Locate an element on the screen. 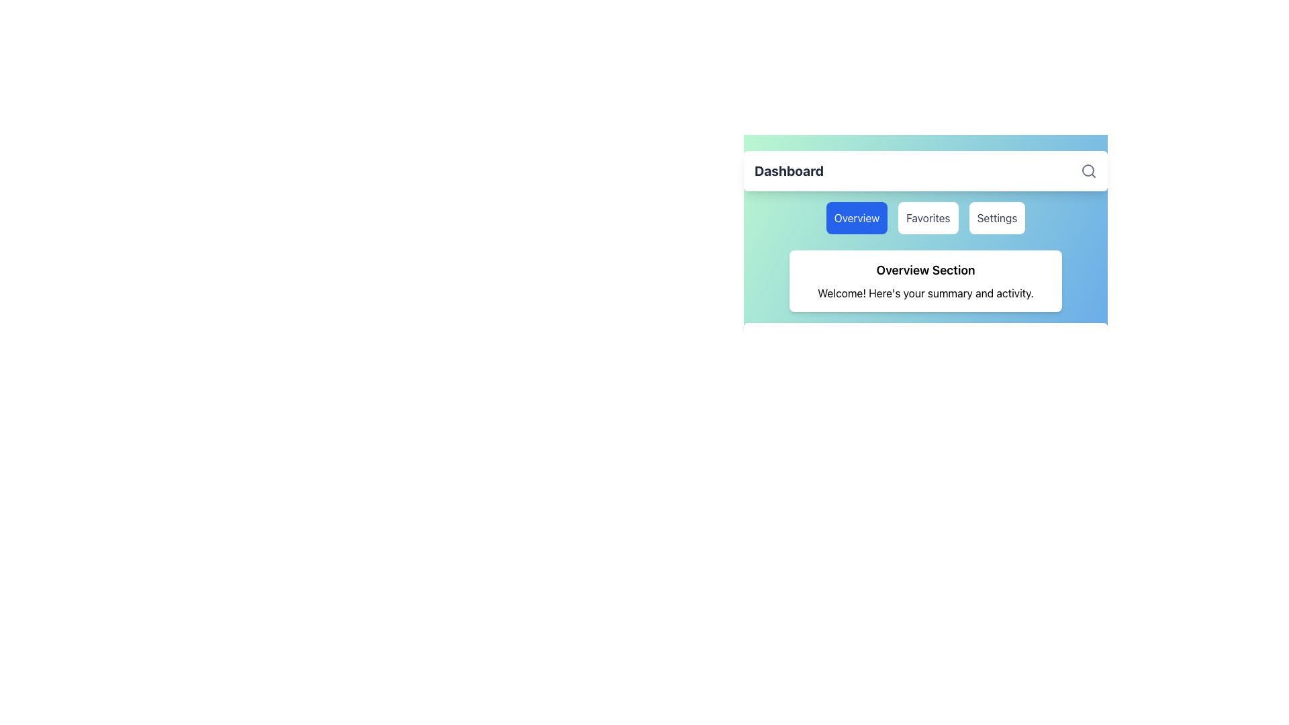 This screenshot has height=725, width=1289. the search button located in the top-right corner of the white rectangular bar containing the text 'Dashboard' is located at coordinates (1089, 170).